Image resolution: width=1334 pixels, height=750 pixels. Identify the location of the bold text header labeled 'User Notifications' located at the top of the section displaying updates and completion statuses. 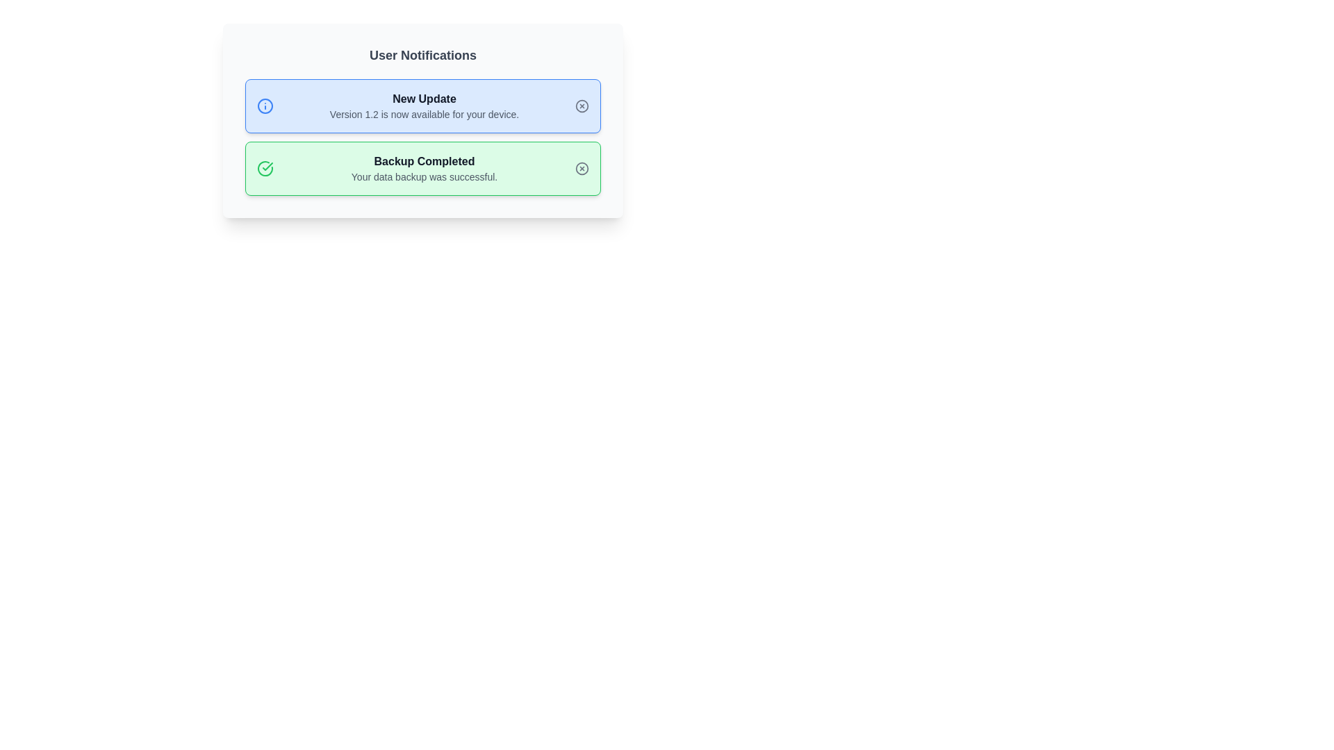
(422, 55).